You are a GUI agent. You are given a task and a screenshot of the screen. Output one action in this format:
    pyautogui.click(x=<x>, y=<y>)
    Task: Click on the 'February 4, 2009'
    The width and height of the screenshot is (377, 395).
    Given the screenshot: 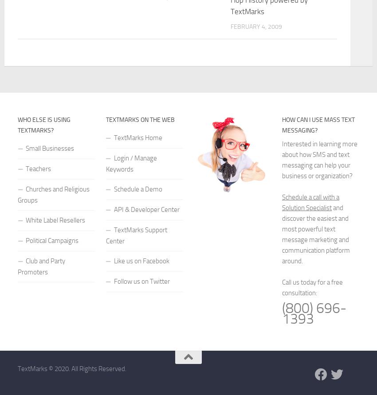 What is the action you would take?
    pyautogui.click(x=255, y=27)
    